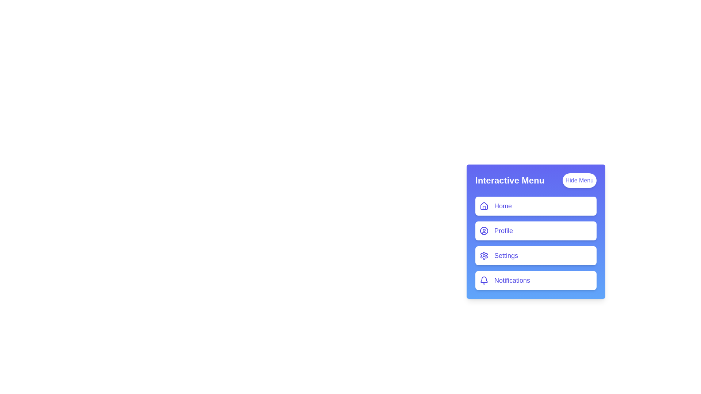 This screenshot has width=701, height=394. Describe the element at coordinates (484, 206) in the screenshot. I see `the menu item icon corresponding to Home` at that location.